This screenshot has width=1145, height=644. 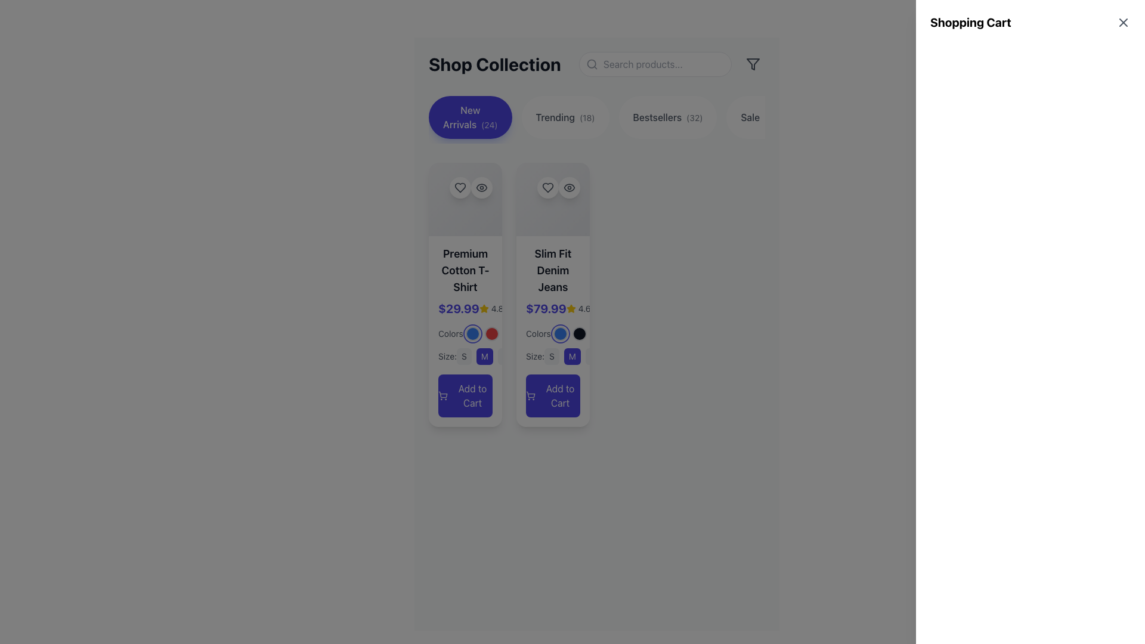 I want to click on the rating icon located between the price and review text of the Slim Fit Denim Jeans item, so click(x=570, y=308).